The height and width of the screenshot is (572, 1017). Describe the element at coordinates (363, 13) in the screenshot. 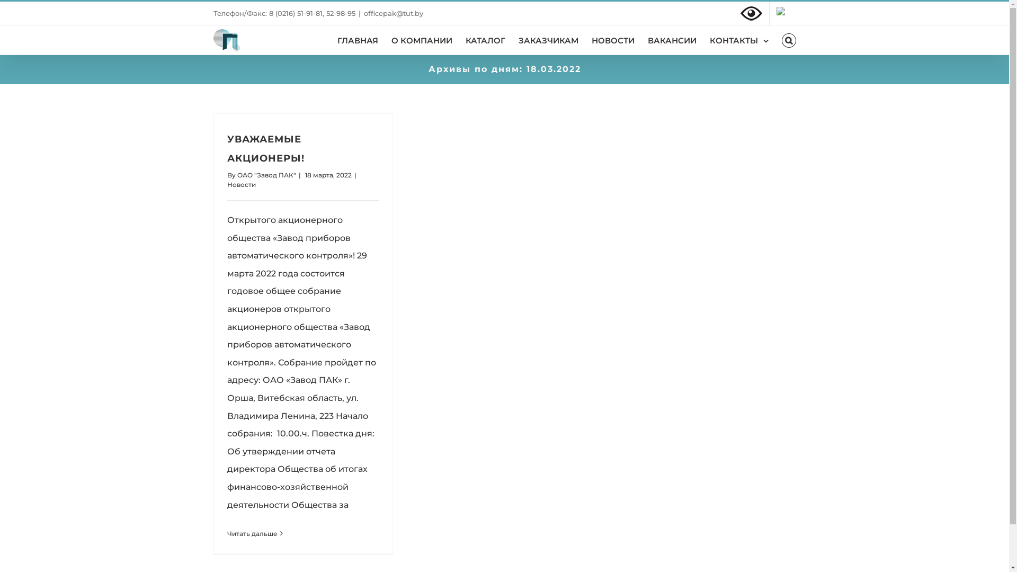

I see `'officepak@tut.by'` at that location.